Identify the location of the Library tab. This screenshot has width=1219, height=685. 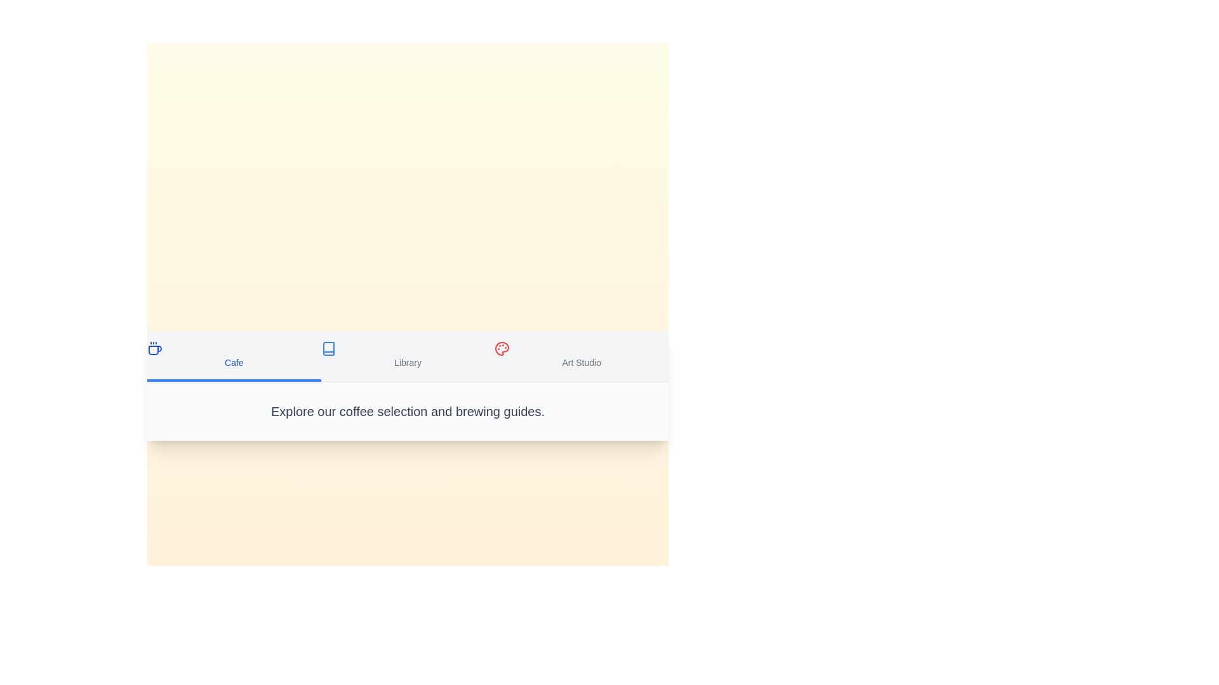
(408, 356).